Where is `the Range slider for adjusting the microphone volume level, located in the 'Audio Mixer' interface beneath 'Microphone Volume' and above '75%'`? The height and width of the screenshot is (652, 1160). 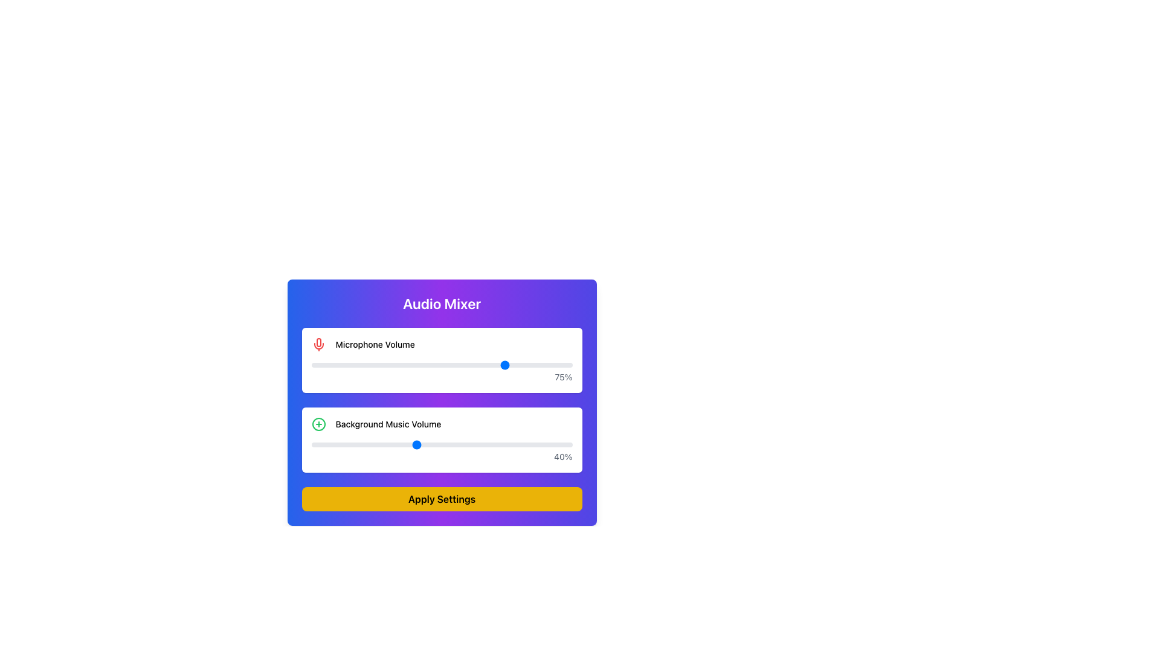
the Range slider for adjusting the microphone volume level, located in the 'Audio Mixer' interface beneath 'Microphone Volume' and above '75%' is located at coordinates (441, 365).